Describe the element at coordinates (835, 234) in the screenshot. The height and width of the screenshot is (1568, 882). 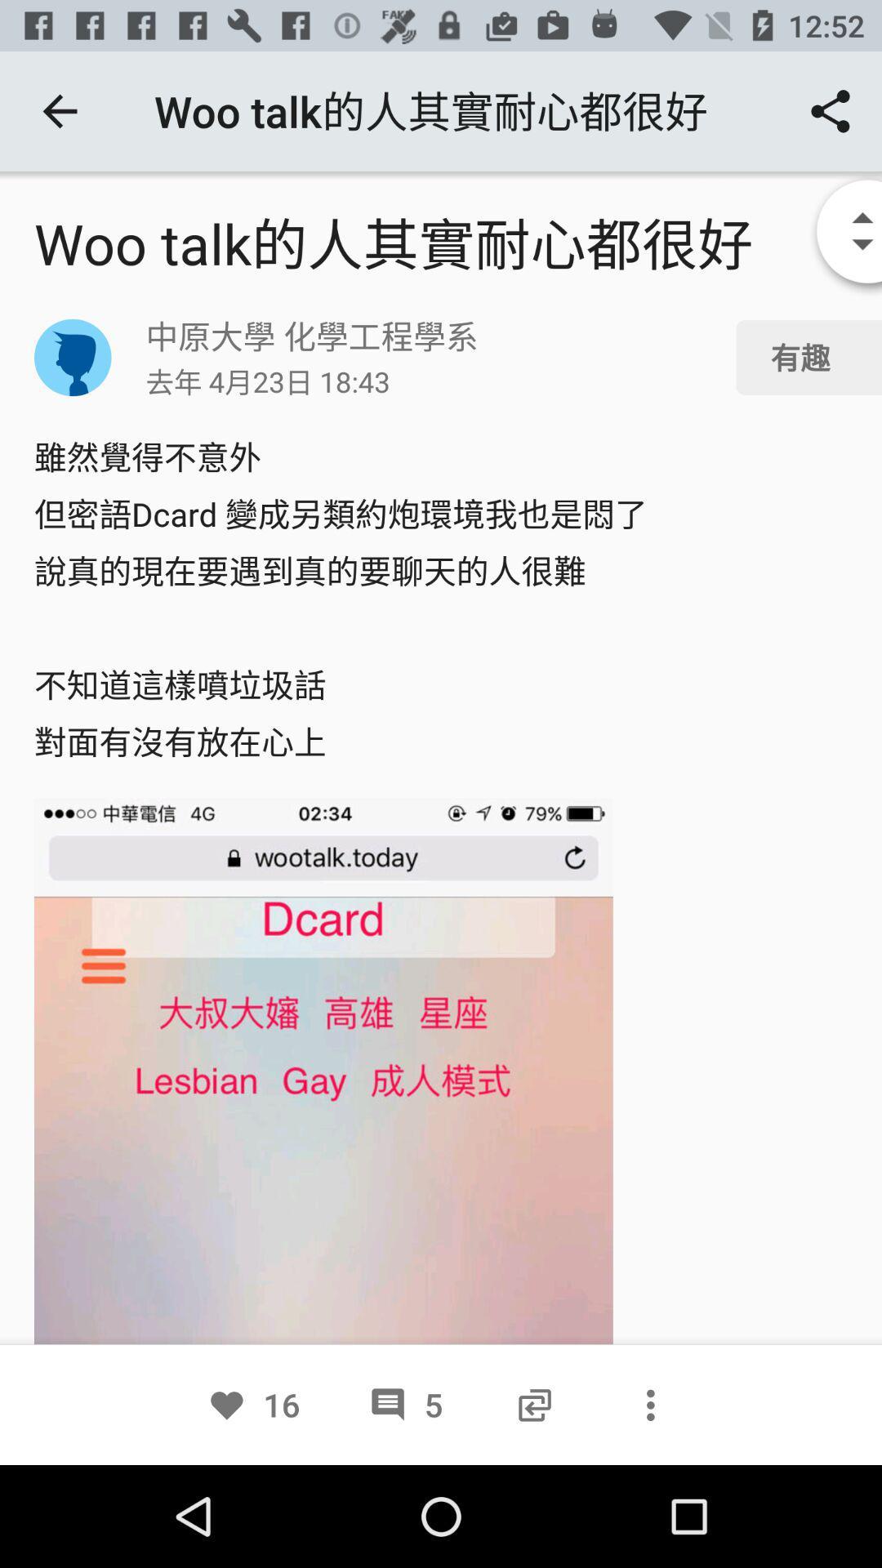
I see `up down arrow button` at that location.